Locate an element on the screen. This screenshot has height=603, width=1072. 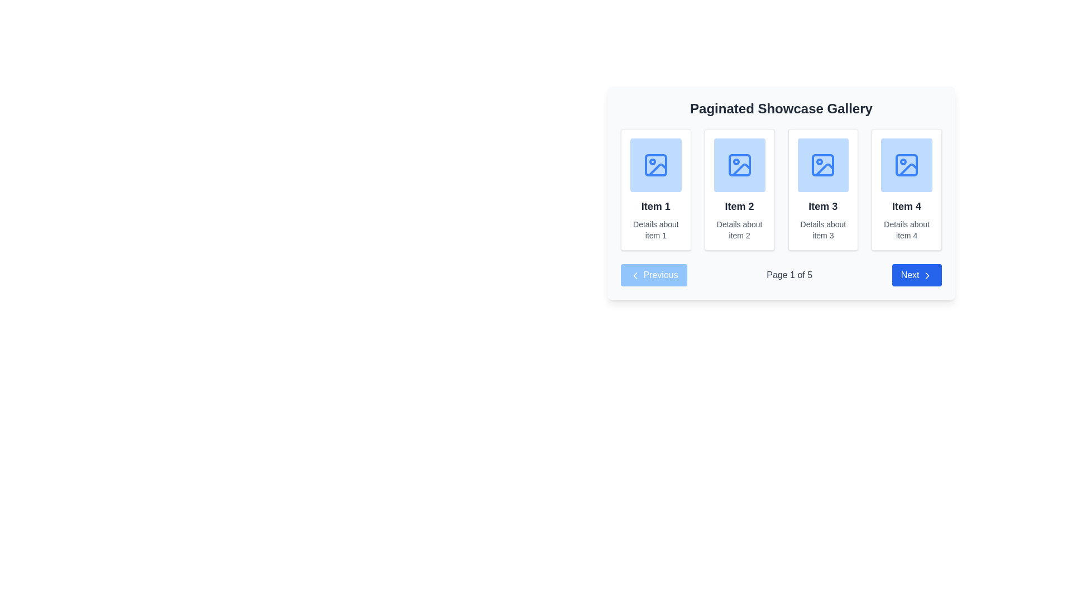
the decorative rectangle icon component, which is a small blue rectangle with rounded corners located within the image icon on the fourth card in the gallery is located at coordinates (907, 165).